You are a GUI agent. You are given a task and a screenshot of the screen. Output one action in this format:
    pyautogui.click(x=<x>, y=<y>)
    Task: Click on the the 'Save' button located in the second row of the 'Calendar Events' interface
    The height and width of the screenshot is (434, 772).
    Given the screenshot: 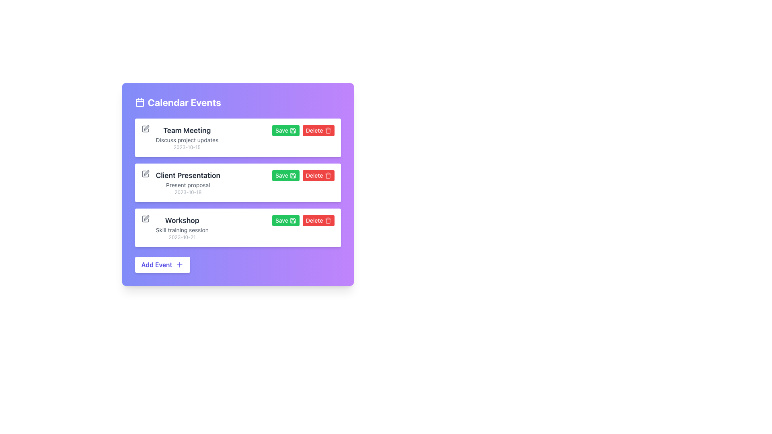 What is the action you would take?
    pyautogui.click(x=285, y=130)
    